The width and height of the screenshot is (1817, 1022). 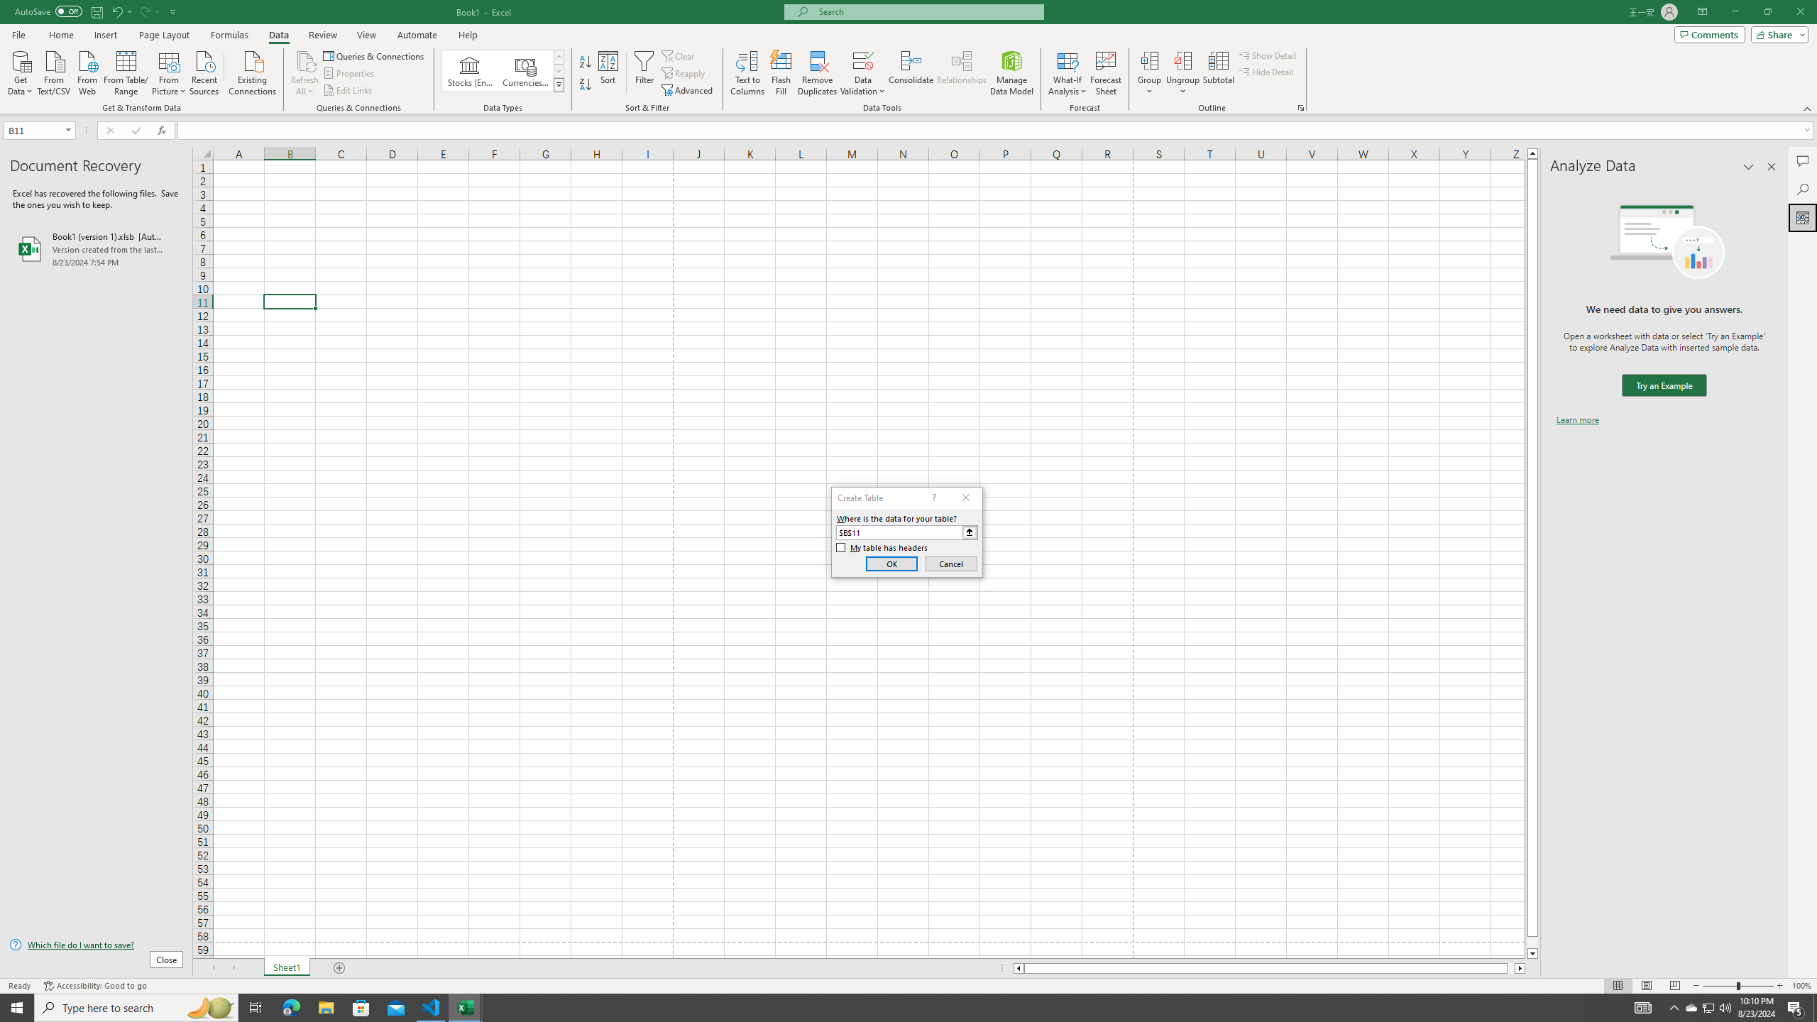 What do you see at coordinates (1779, 986) in the screenshot?
I see `'Zoom In'` at bounding box center [1779, 986].